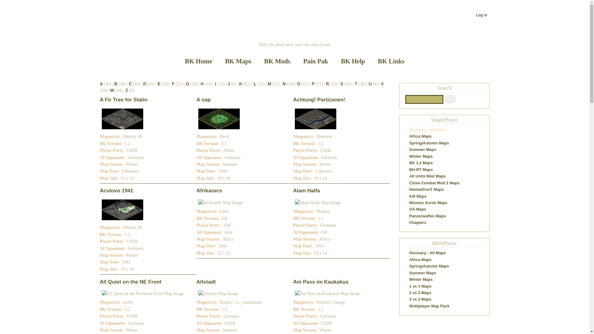 This screenshot has width=594, height=334. I want to click on 'N', so click(283, 83).